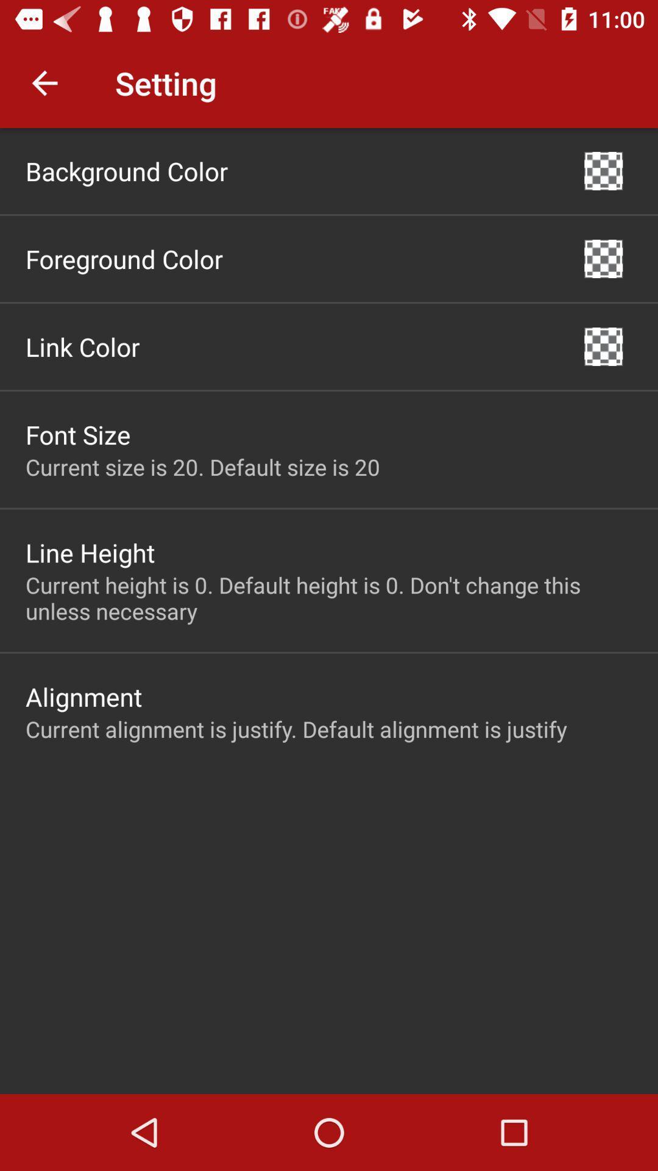  I want to click on the foreground color, so click(124, 258).